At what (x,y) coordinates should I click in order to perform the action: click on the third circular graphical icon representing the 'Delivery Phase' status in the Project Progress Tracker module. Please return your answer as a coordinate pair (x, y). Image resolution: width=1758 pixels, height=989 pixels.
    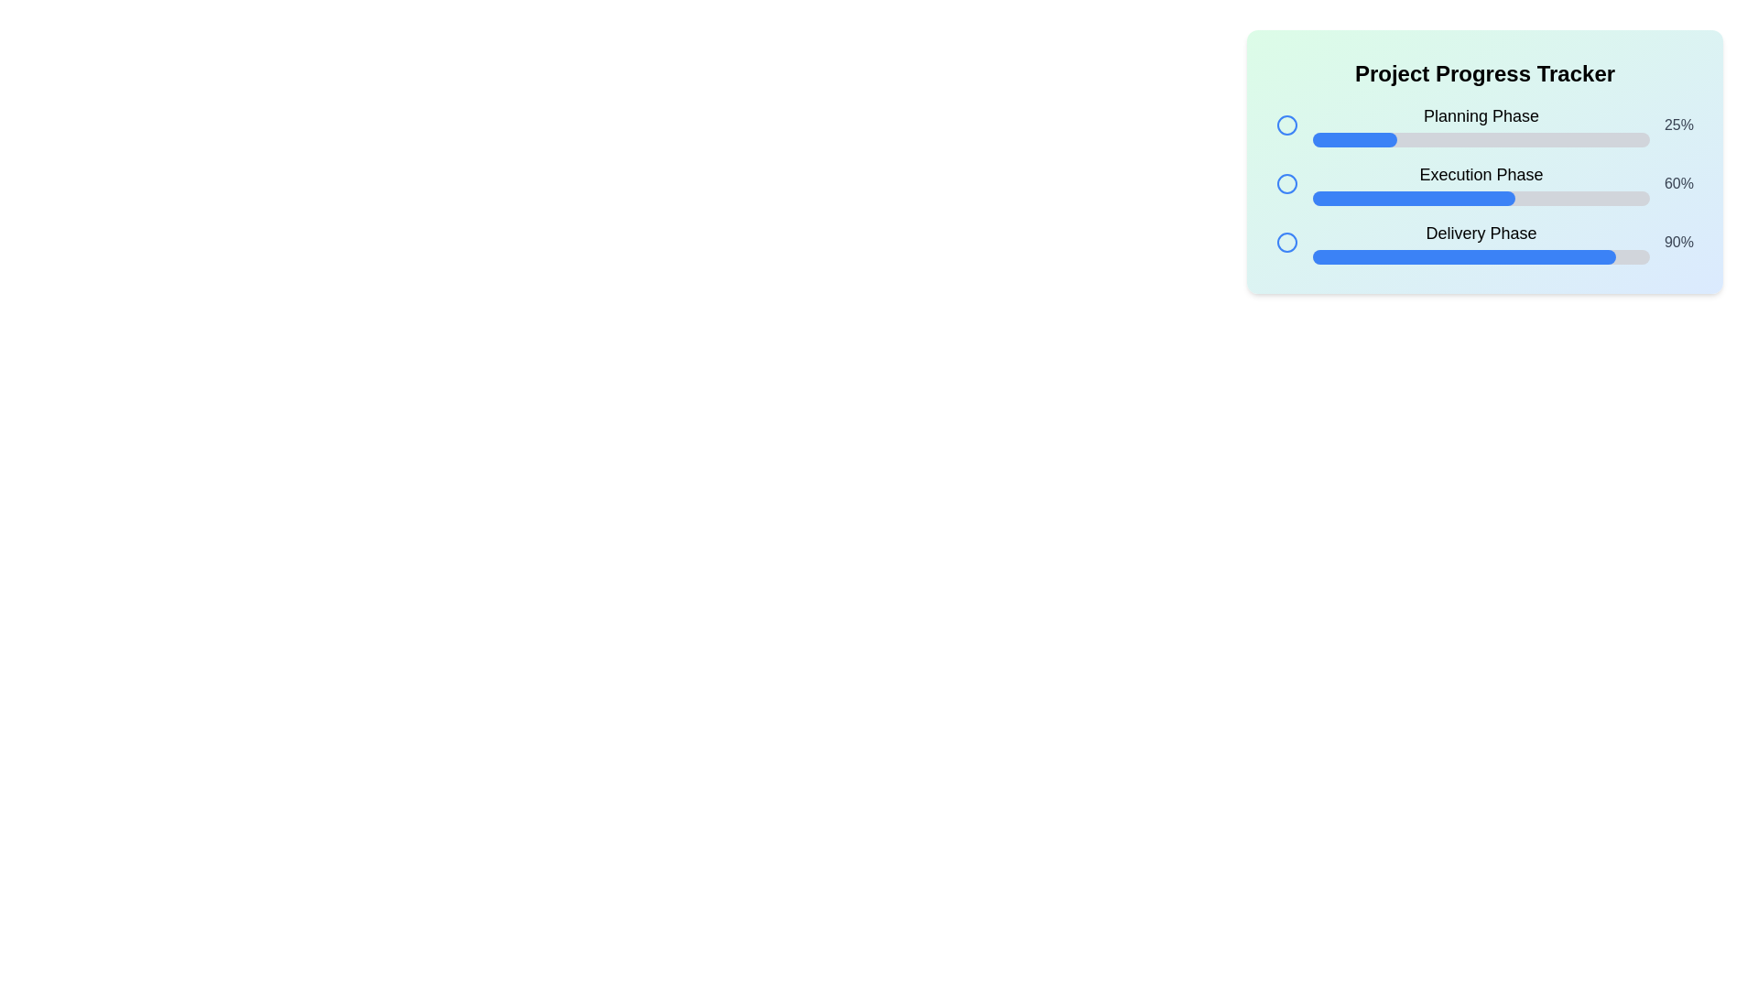
    Looking at the image, I should click on (1286, 242).